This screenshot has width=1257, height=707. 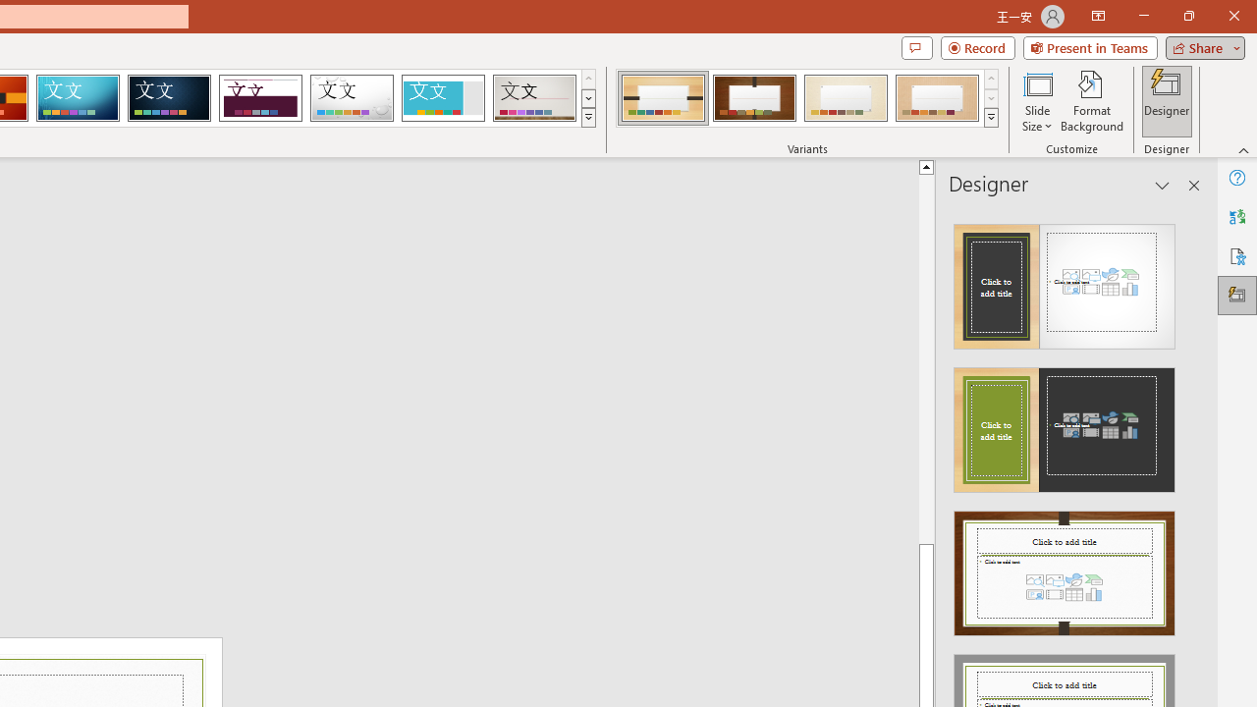 What do you see at coordinates (1064, 567) in the screenshot?
I see `'Design Idea'` at bounding box center [1064, 567].